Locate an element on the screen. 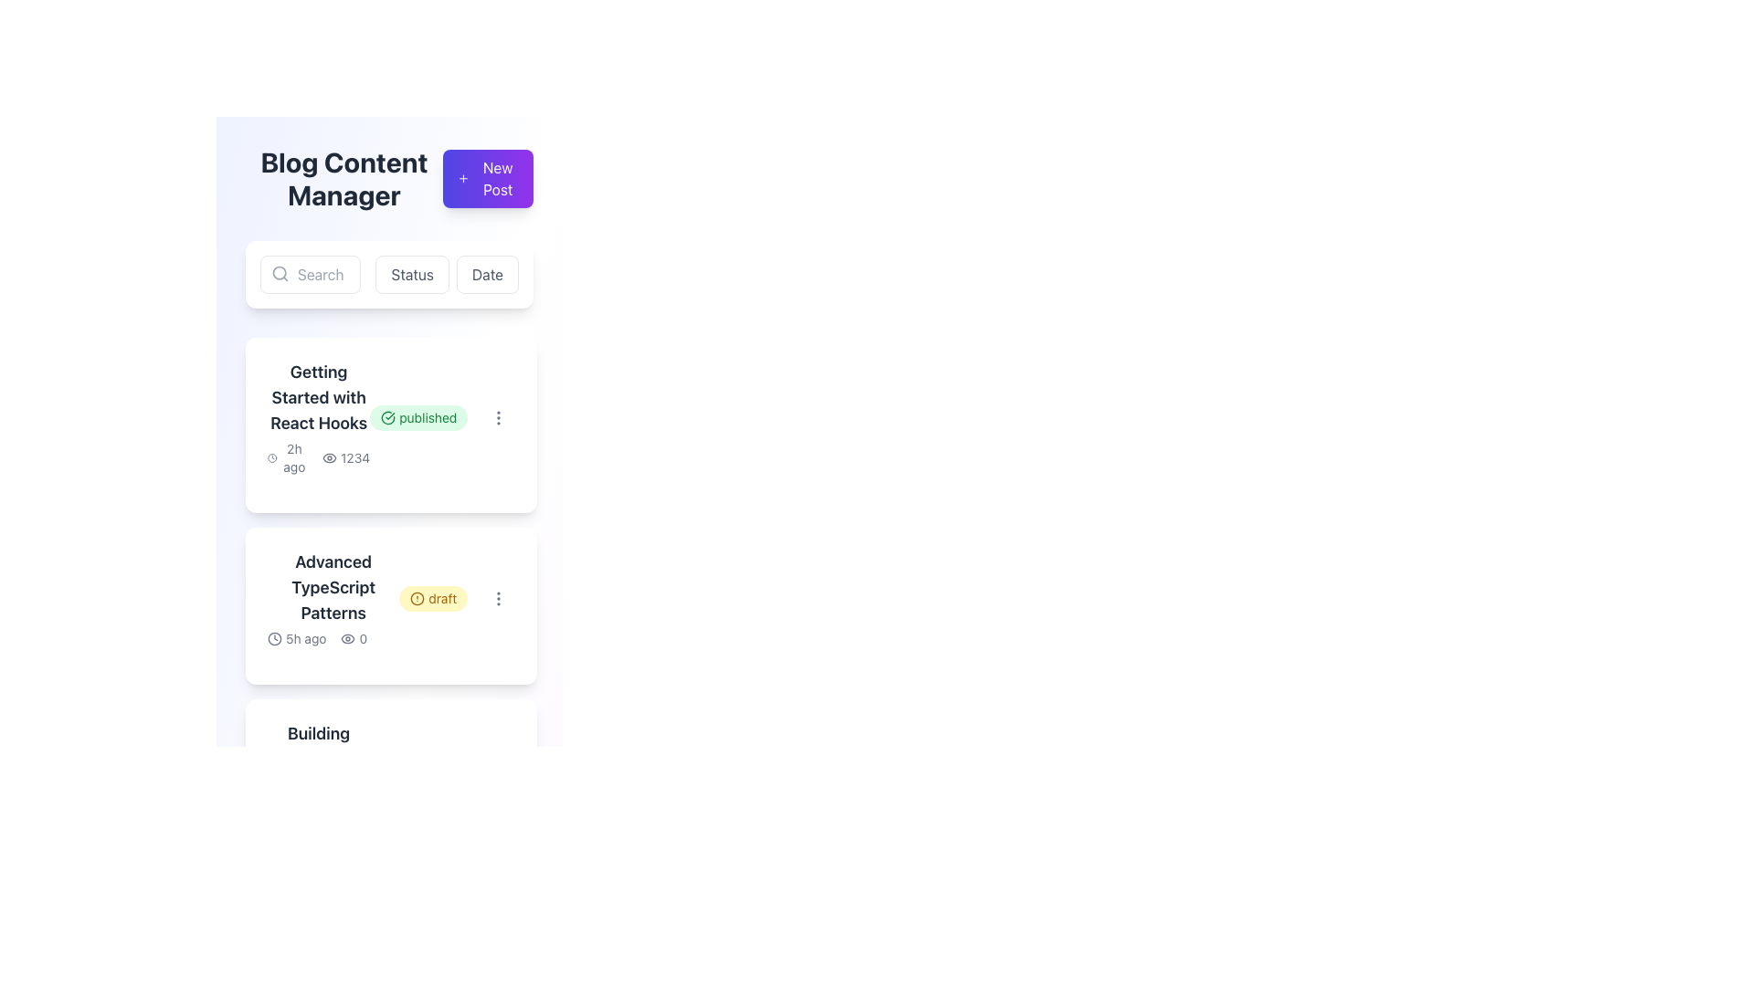  the date filter button located to the right of the 'Status' button is located at coordinates (487, 274).